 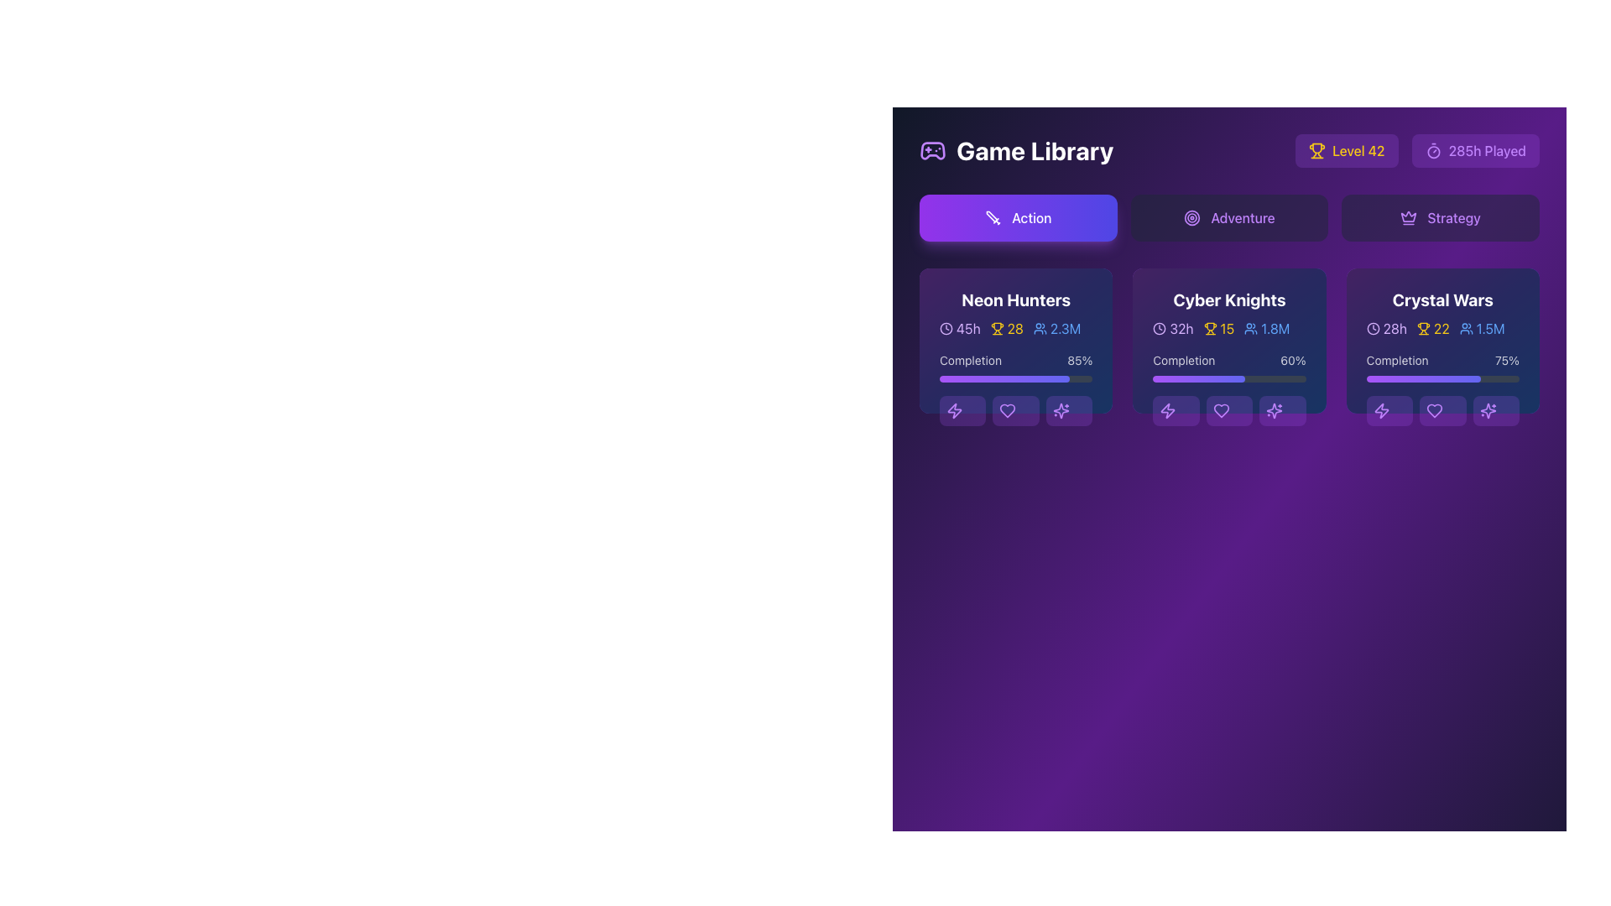 I want to click on the rightmost button in the row of three buttons located beneath the 'Cyber Knights' card, so click(x=1281, y=410).